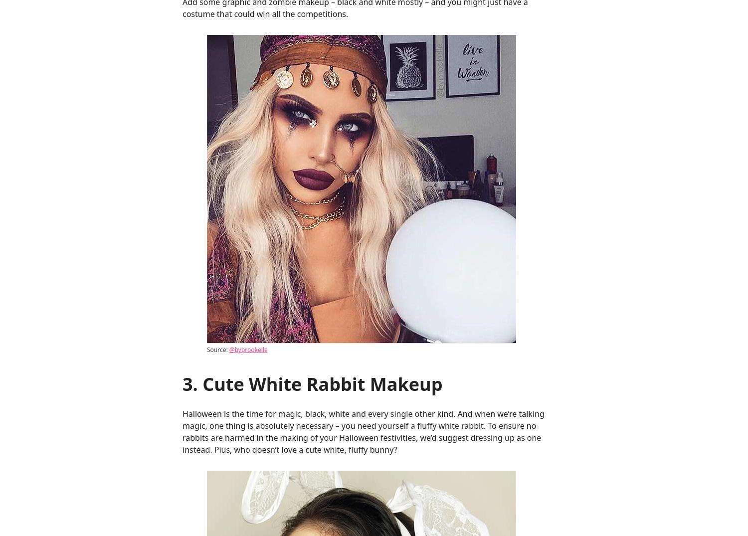  Describe the element at coordinates (501, 100) in the screenshot. I see `'Terms and Conditions'` at that location.